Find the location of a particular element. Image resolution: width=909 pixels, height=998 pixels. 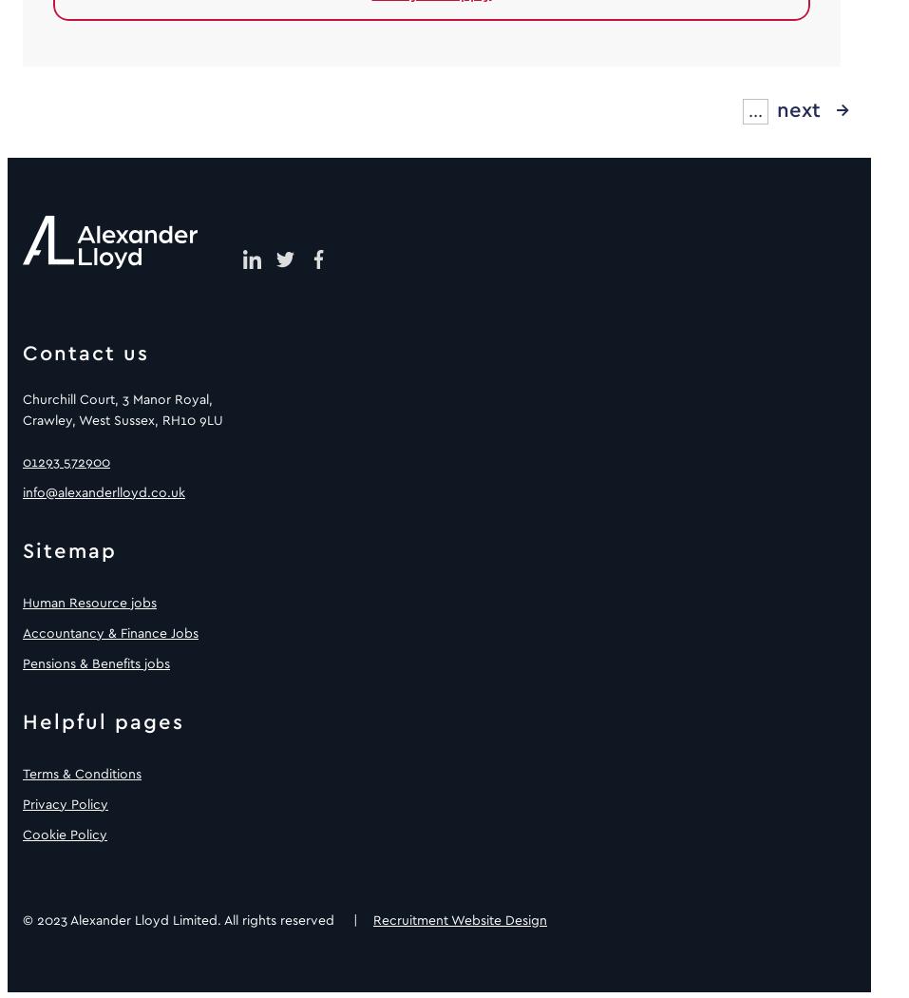

'Crawley, West Sussex, RH10 9LU' is located at coordinates (123, 419).